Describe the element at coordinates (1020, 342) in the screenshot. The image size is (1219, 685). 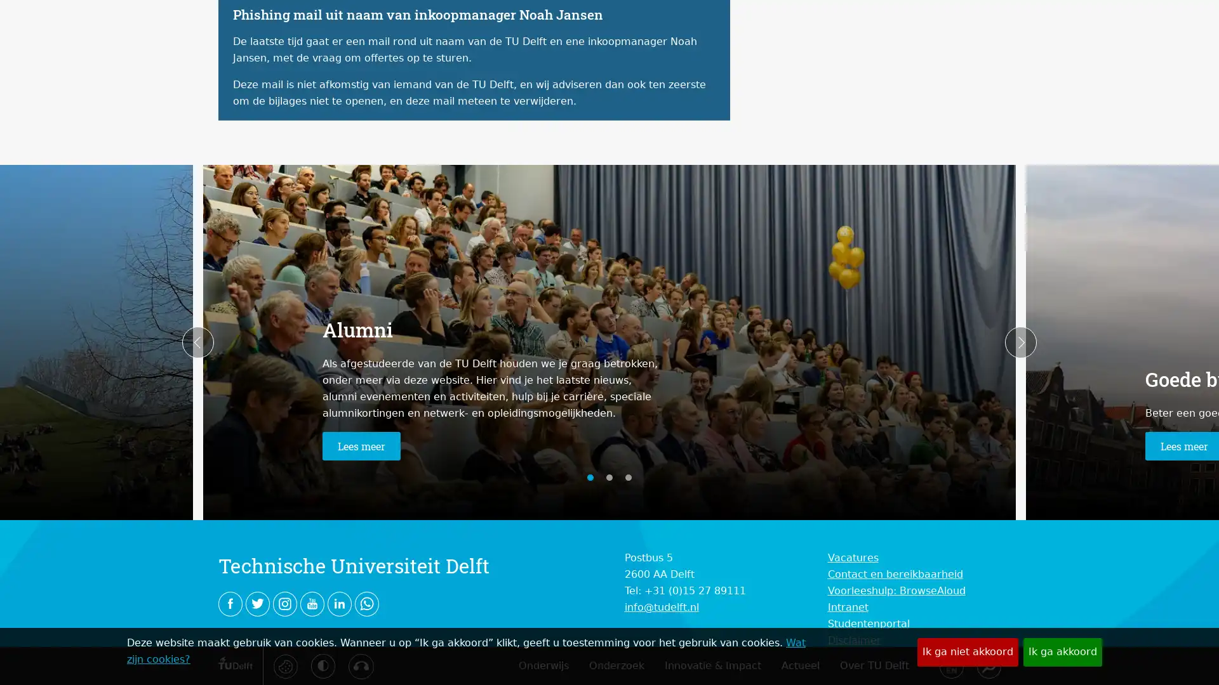
I see `Ga naar volgend item` at that location.